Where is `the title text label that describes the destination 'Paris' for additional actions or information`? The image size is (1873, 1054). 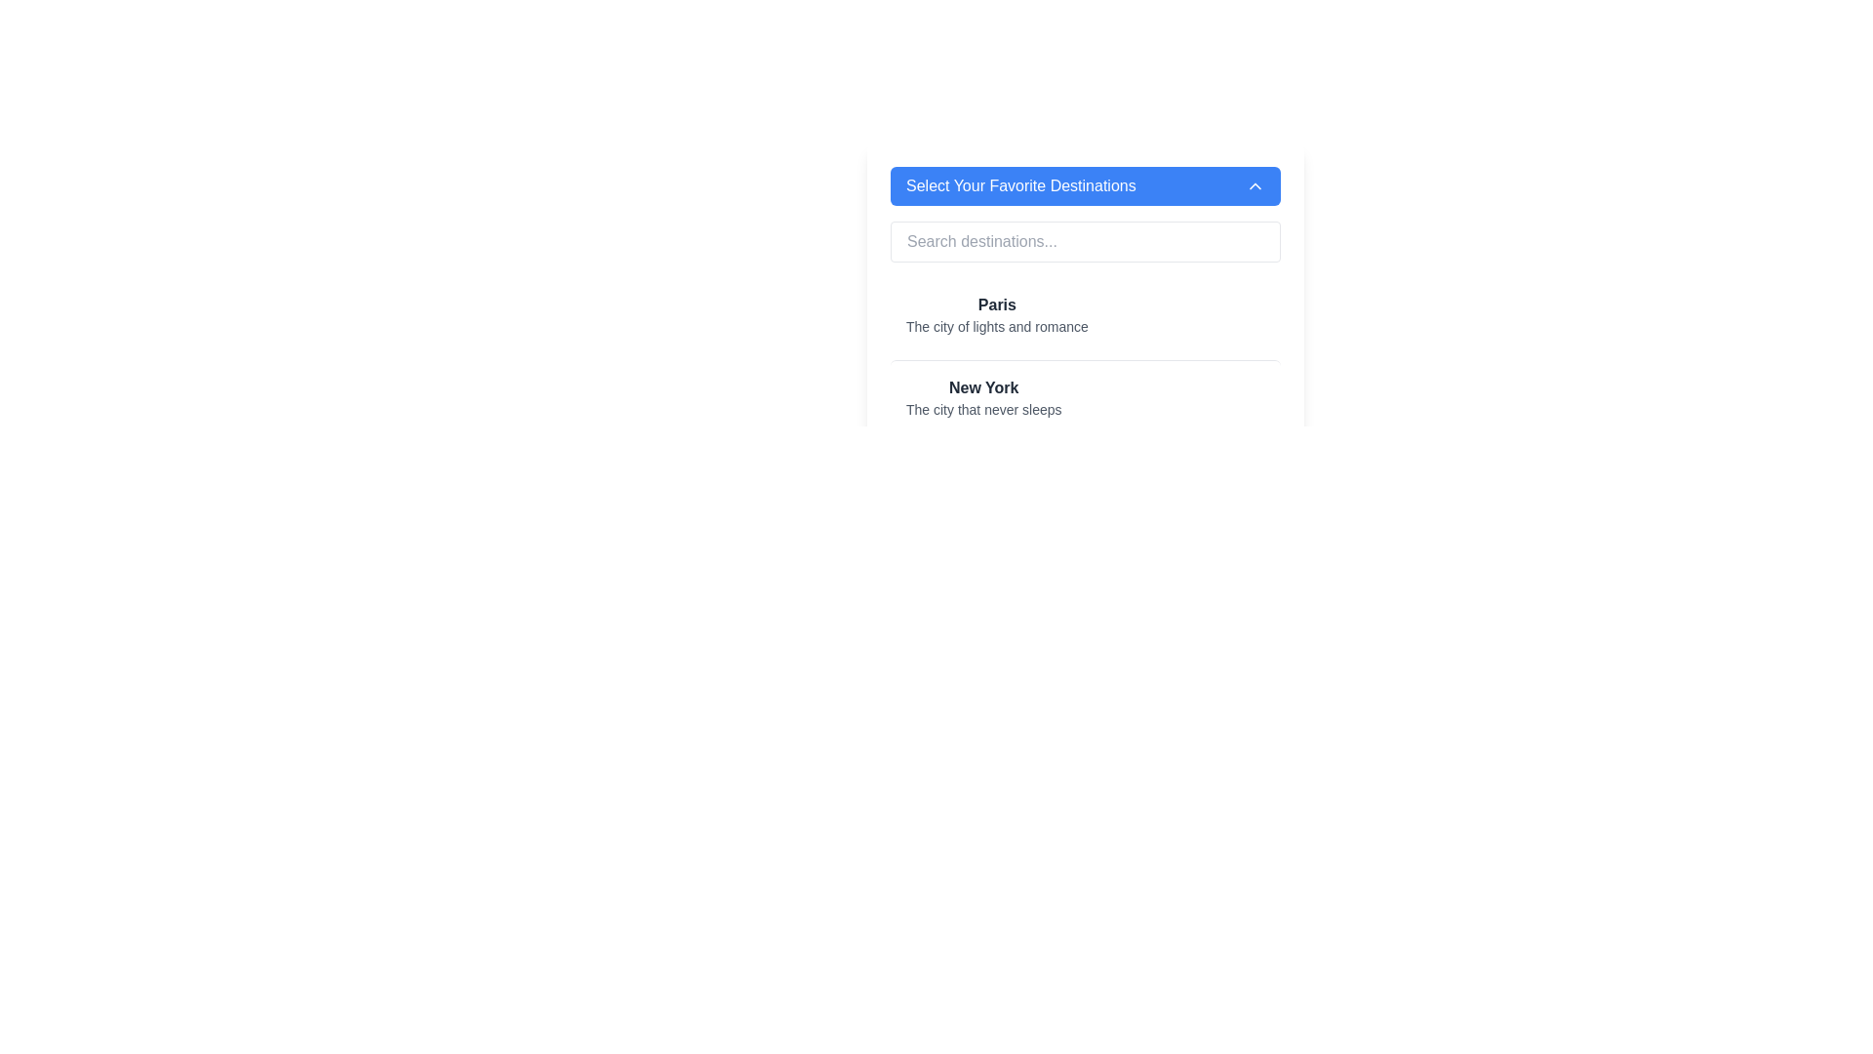
the title text label that describes the destination 'Paris' for additional actions or information is located at coordinates (997, 304).